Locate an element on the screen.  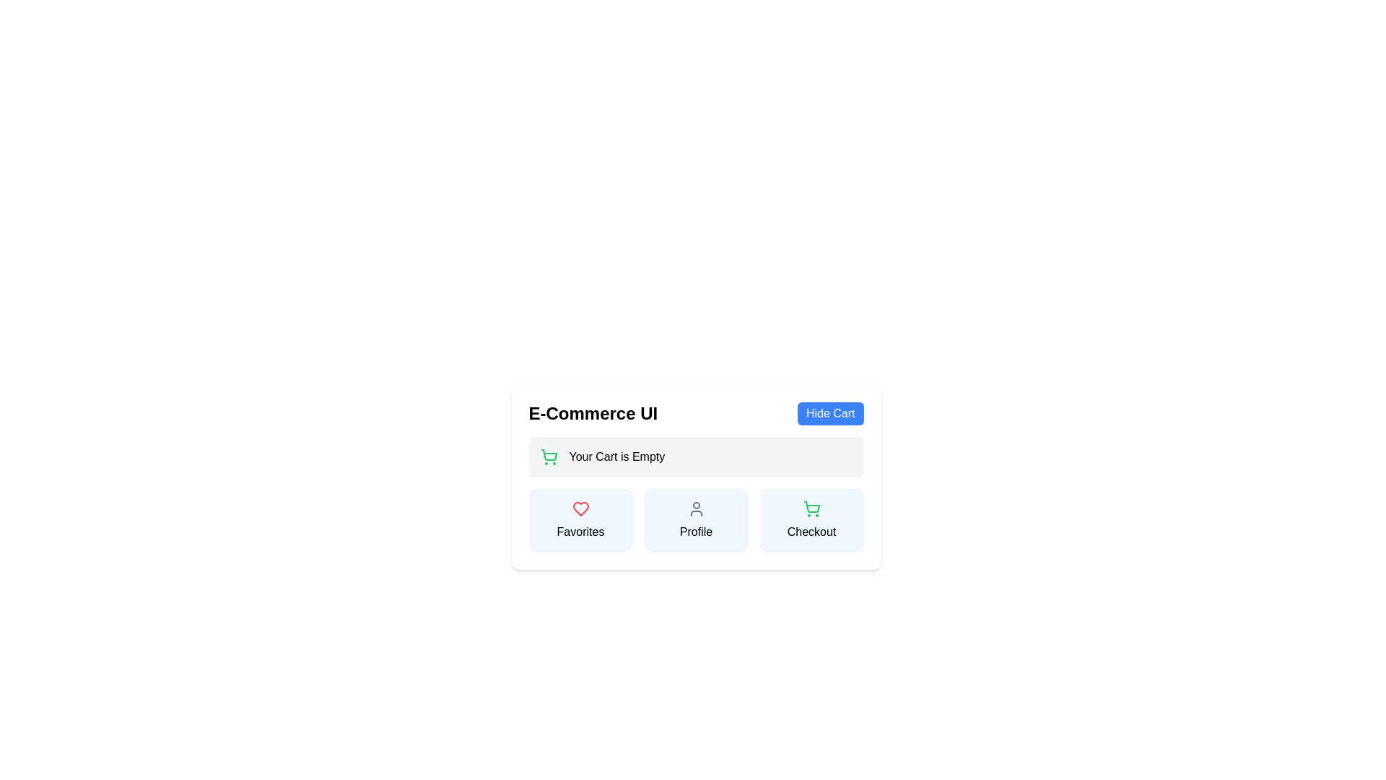
the user icon, which is an outline style gray icon with a circular head and partial oval base, located in the center of the 'Profile' button is located at coordinates (696, 508).